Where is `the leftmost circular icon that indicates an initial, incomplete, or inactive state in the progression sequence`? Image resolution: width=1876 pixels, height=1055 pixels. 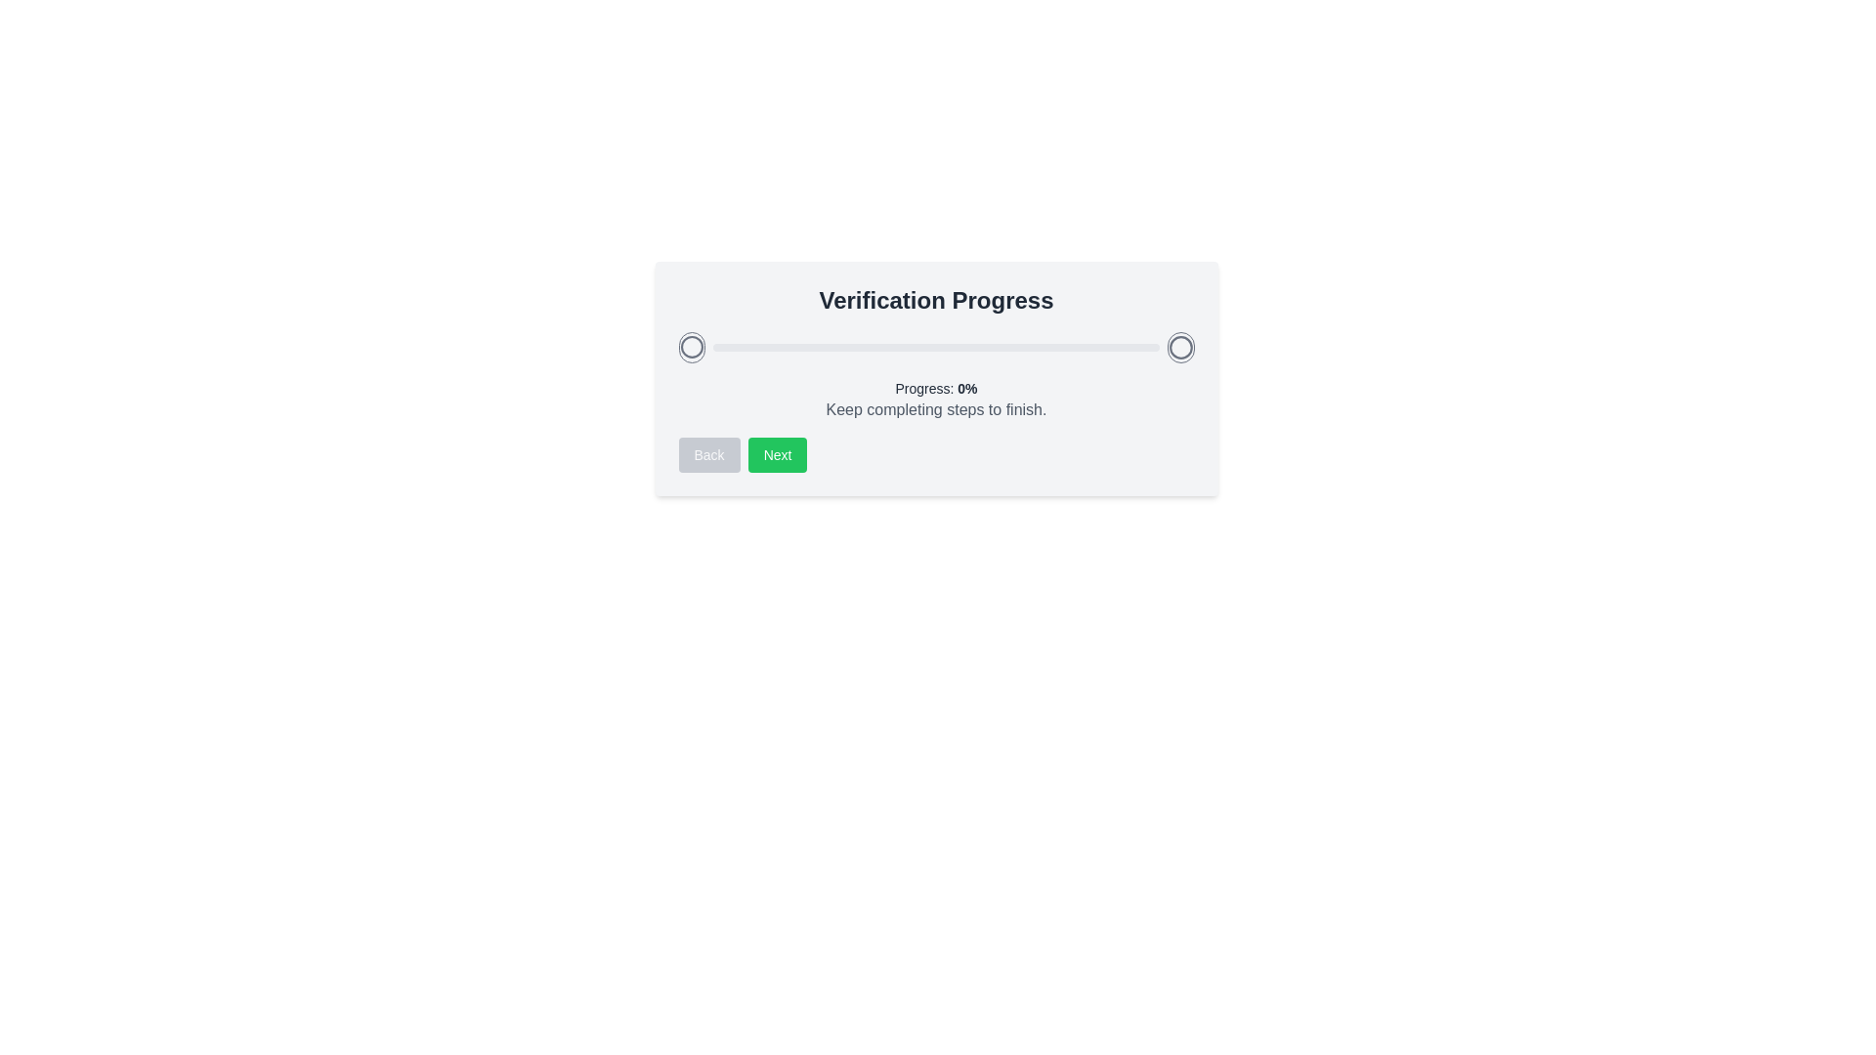
the leftmost circular icon that indicates an initial, incomplete, or inactive state in the progression sequence is located at coordinates (692, 346).